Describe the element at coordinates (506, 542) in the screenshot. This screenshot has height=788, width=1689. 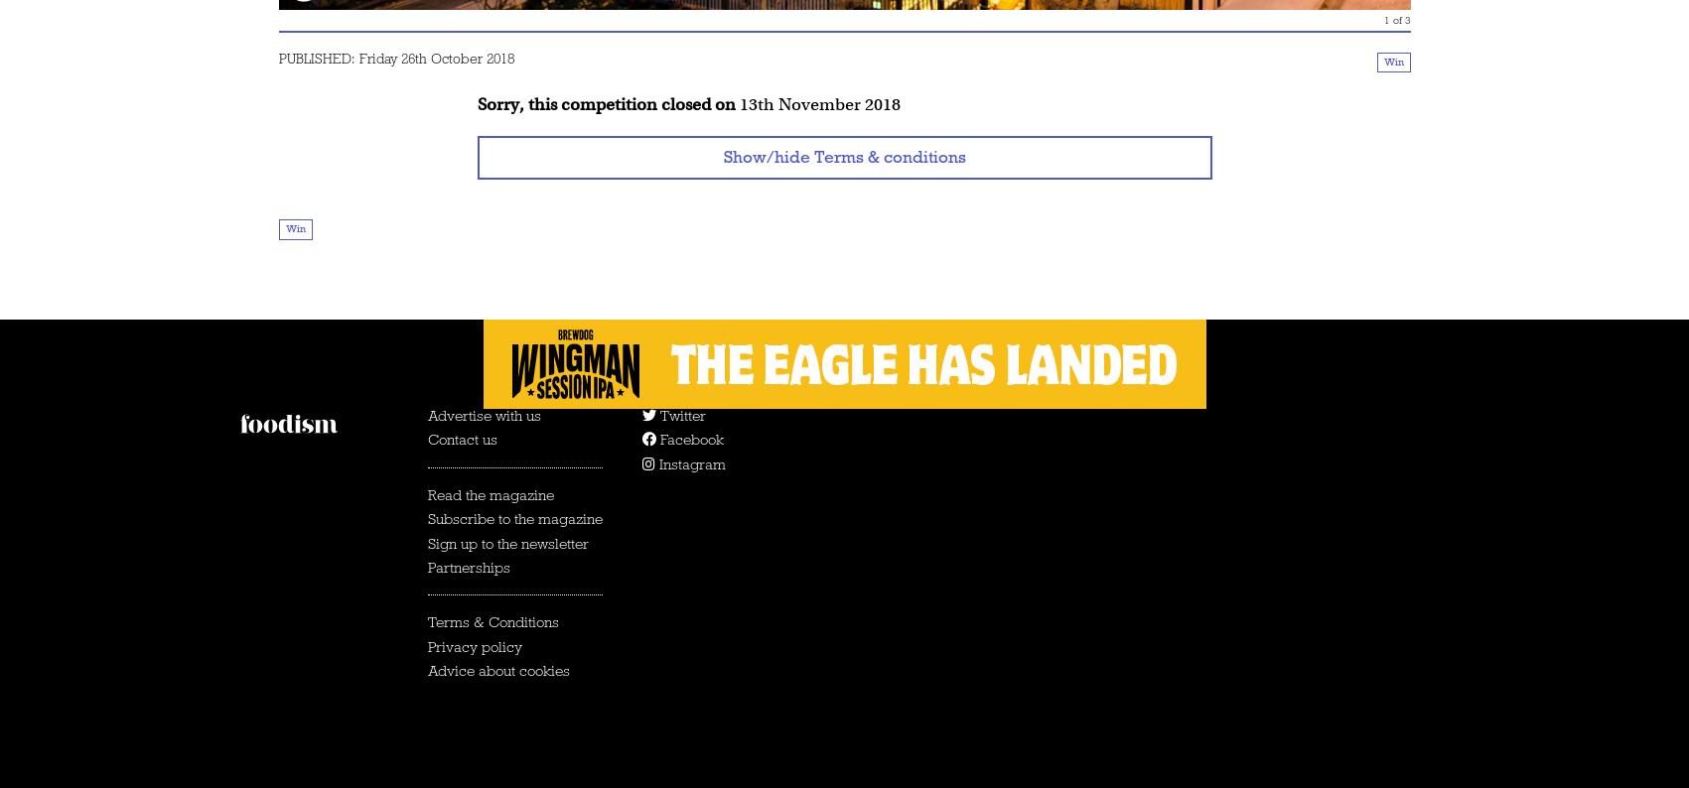
I see `'Sign up to the newsletter'` at that location.